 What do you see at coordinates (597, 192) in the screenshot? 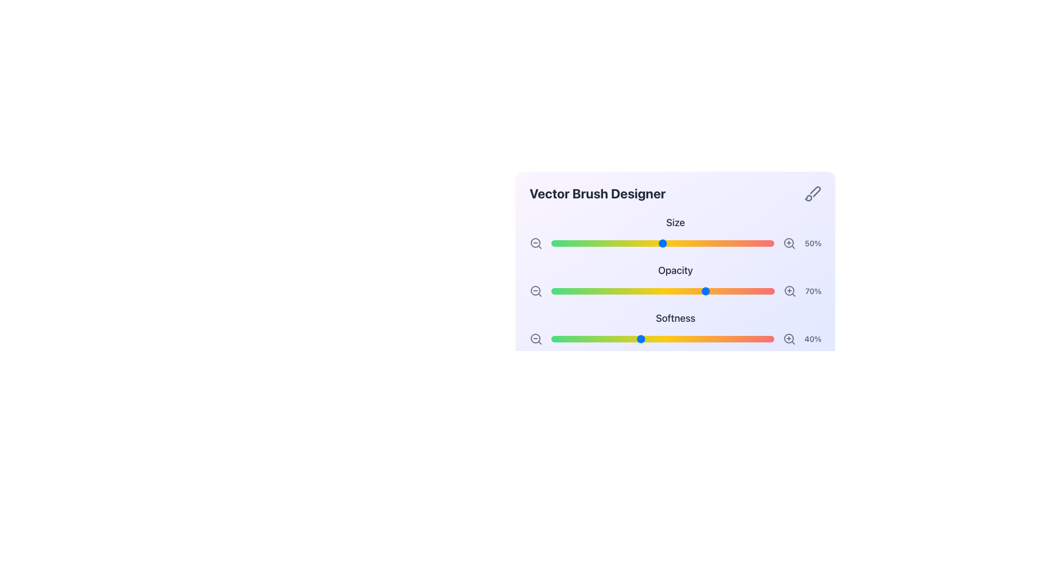
I see `the Text Label element displaying 'Vector Brush Designer', which is styled in bold, large dark gray font on a light background` at bounding box center [597, 192].